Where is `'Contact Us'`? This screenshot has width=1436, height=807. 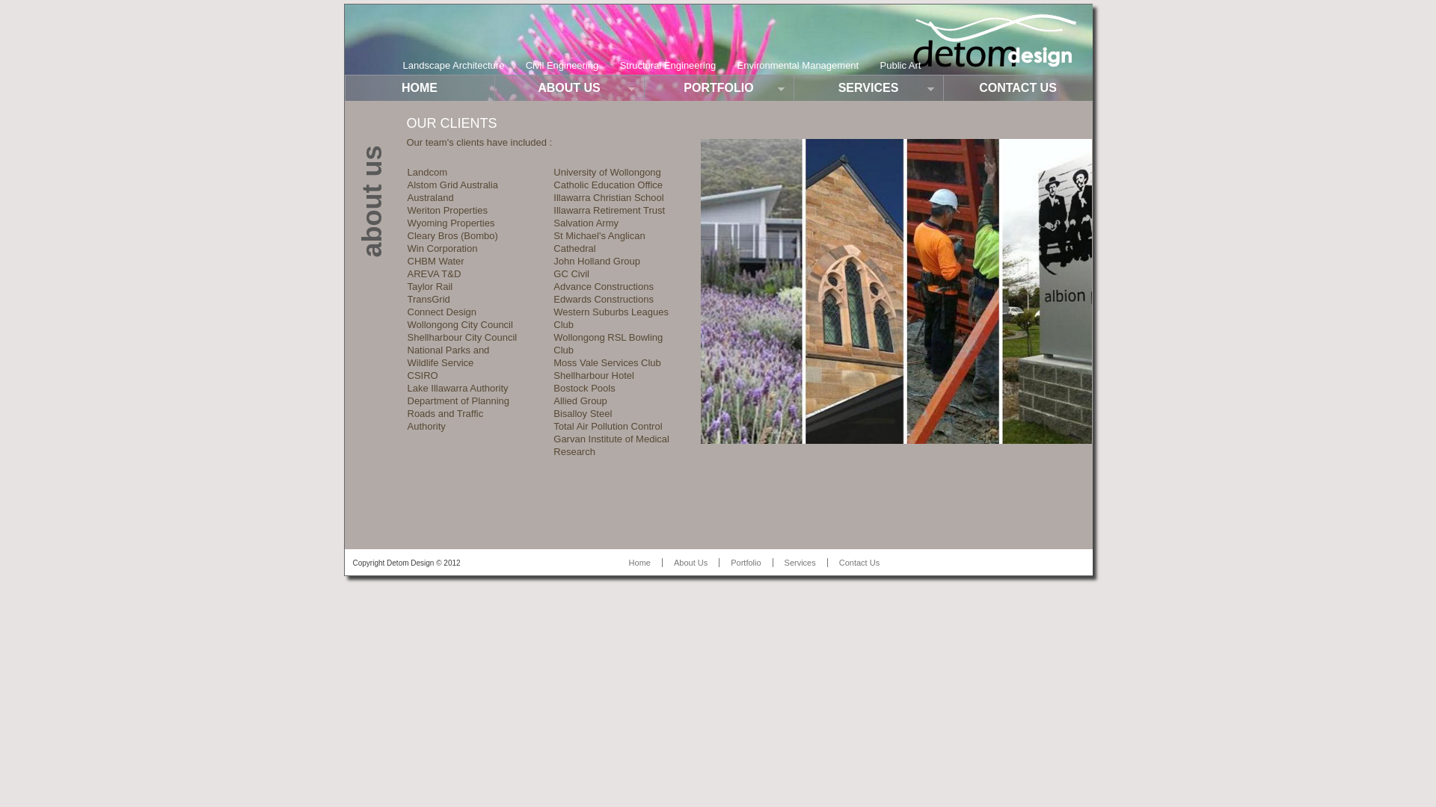
'Contact Us' is located at coordinates (859, 562).